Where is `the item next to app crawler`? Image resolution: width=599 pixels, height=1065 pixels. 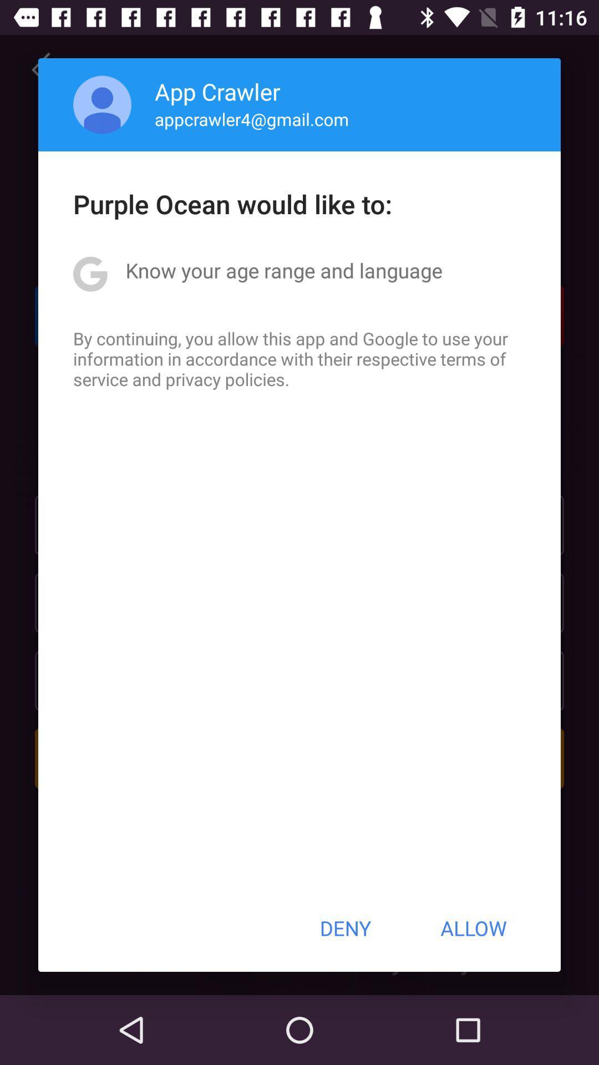
the item next to app crawler is located at coordinates (102, 104).